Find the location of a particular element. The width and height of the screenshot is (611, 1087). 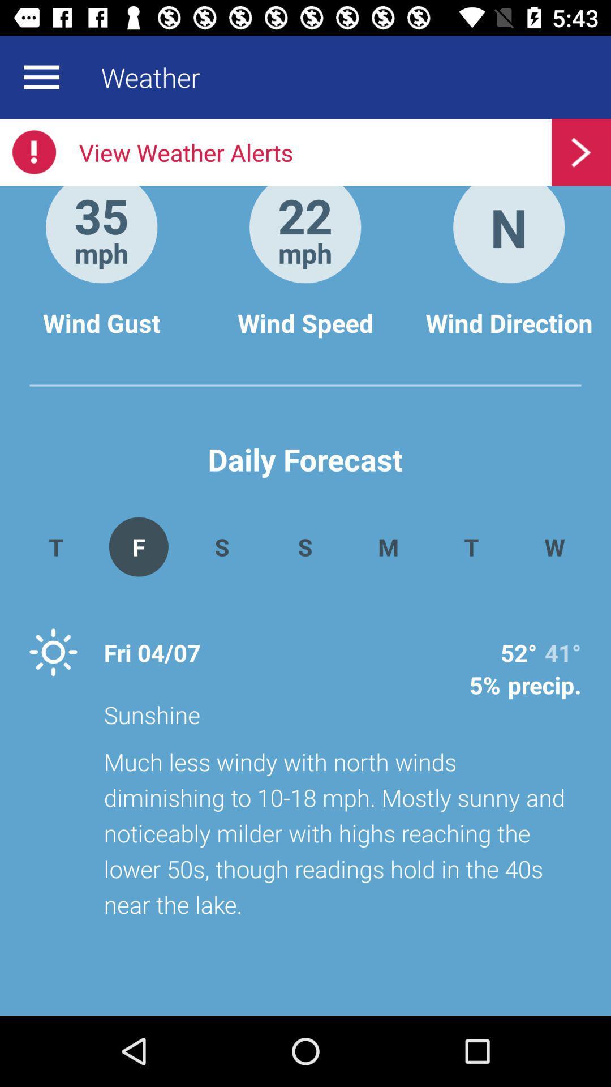

the app above sunshine app is located at coordinates (388, 546).